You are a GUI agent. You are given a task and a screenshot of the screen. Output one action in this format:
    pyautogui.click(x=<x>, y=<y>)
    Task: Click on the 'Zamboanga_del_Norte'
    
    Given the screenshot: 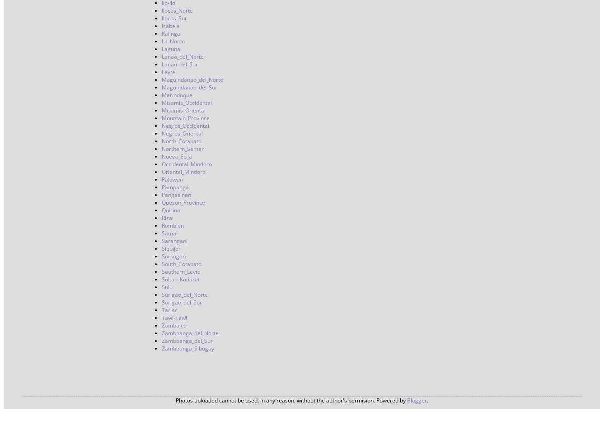 What is the action you would take?
    pyautogui.click(x=190, y=332)
    